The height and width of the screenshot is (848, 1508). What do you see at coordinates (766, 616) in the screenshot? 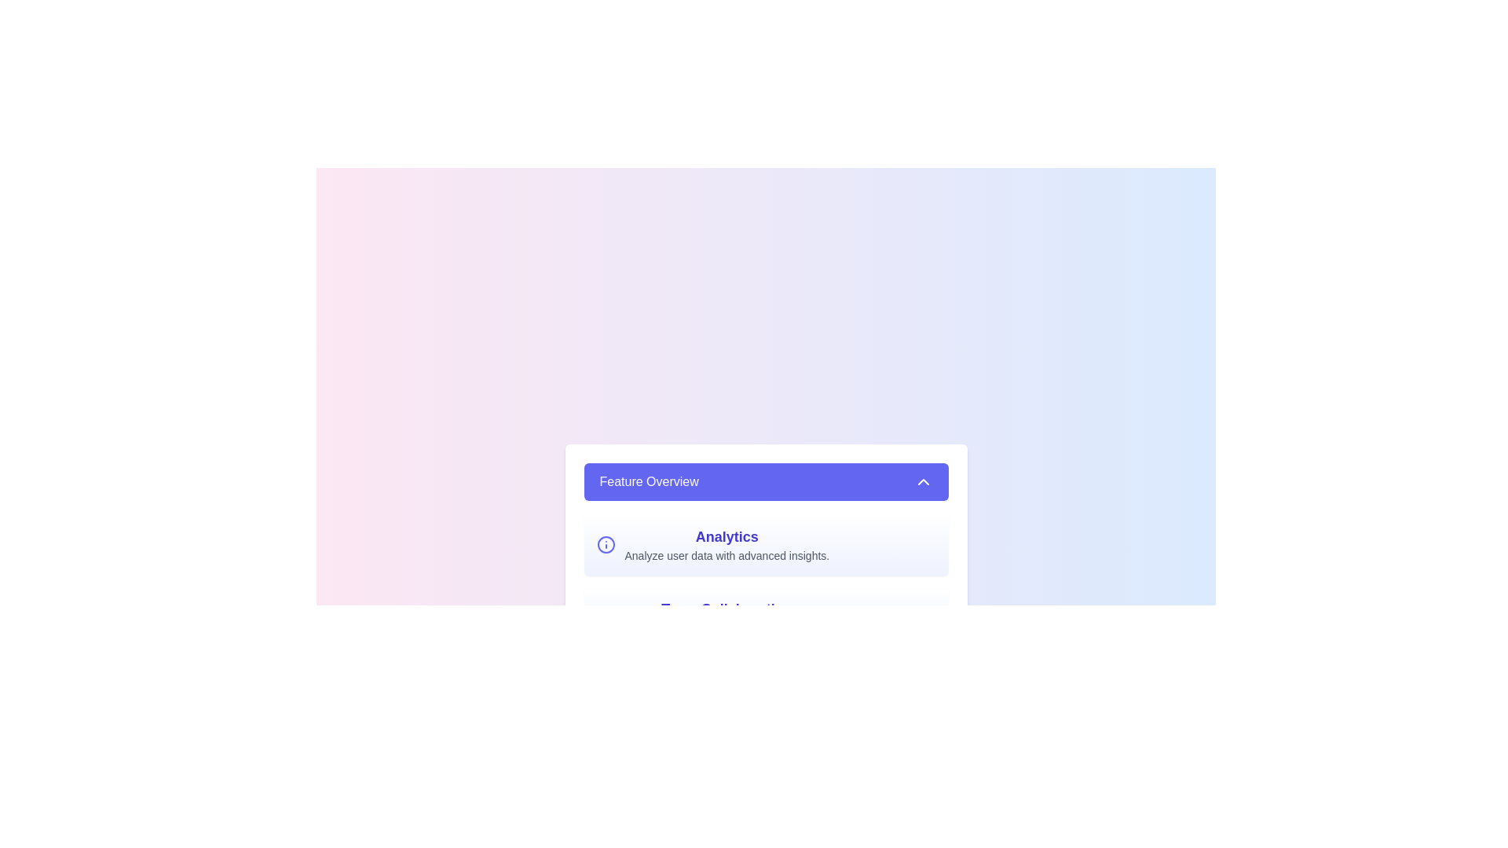
I see `properties of the 'Team Collaboration' card, which is the second item in the vertically stacked list under 'Feature Overview', by opening the developer tools` at bounding box center [766, 616].